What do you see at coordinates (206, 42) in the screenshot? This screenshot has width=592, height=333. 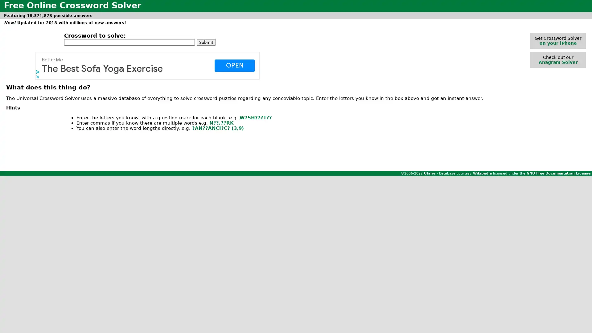 I see `Submit` at bounding box center [206, 42].